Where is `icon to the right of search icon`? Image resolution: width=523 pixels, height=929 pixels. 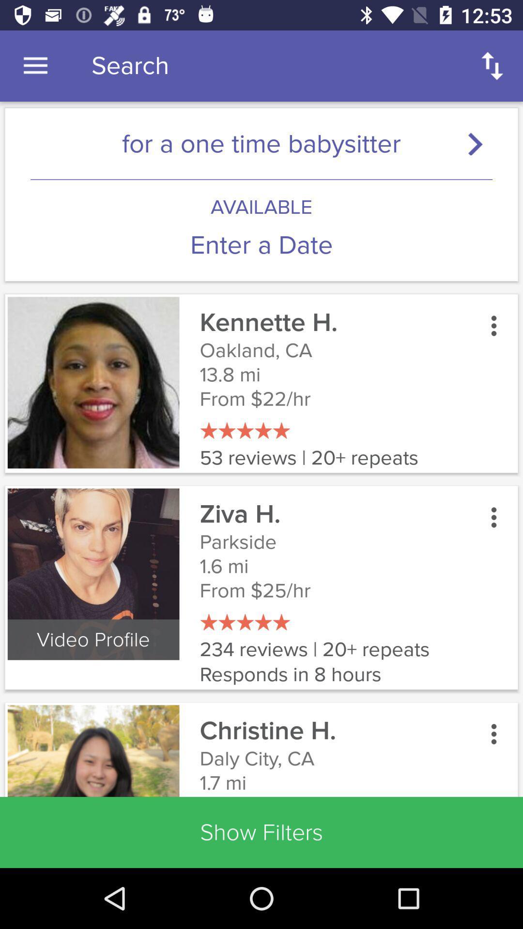 icon to the right of search icon is located at coordinates (492, 65).